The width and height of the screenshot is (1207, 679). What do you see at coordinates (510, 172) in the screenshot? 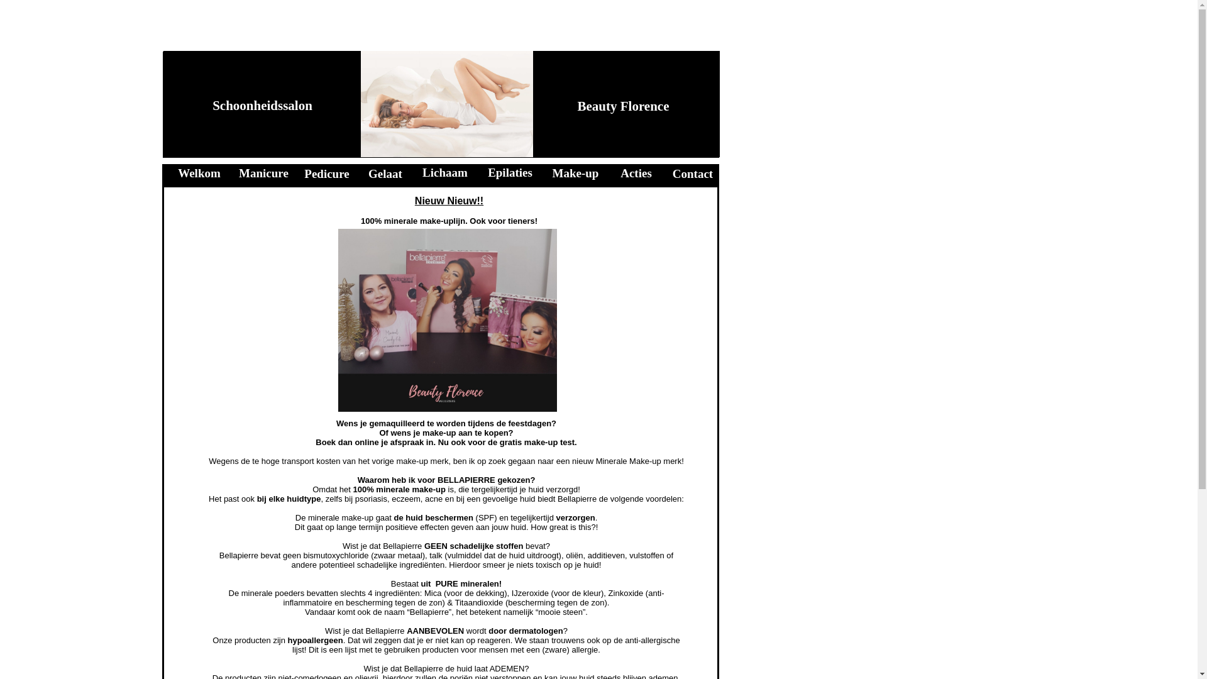
I see `'Epilaties'` at bounding box center [510, 172].